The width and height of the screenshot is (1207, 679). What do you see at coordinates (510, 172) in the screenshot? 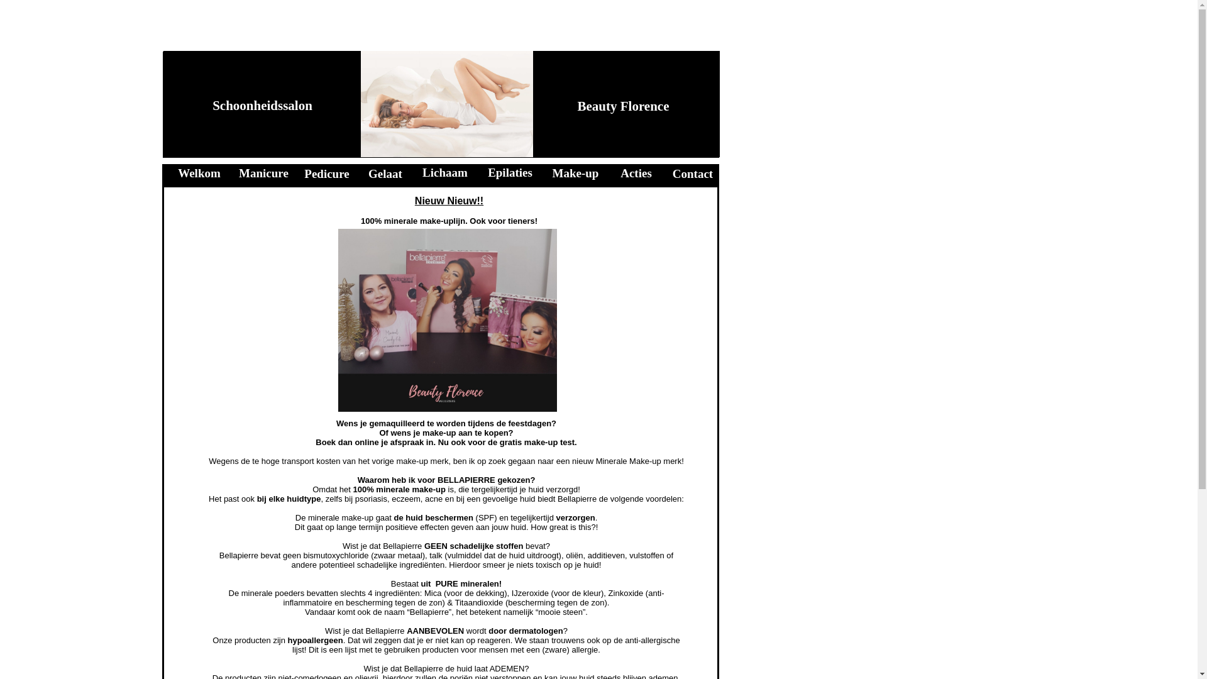
I see `'Epilaties'` at bounding box center [510, 172].